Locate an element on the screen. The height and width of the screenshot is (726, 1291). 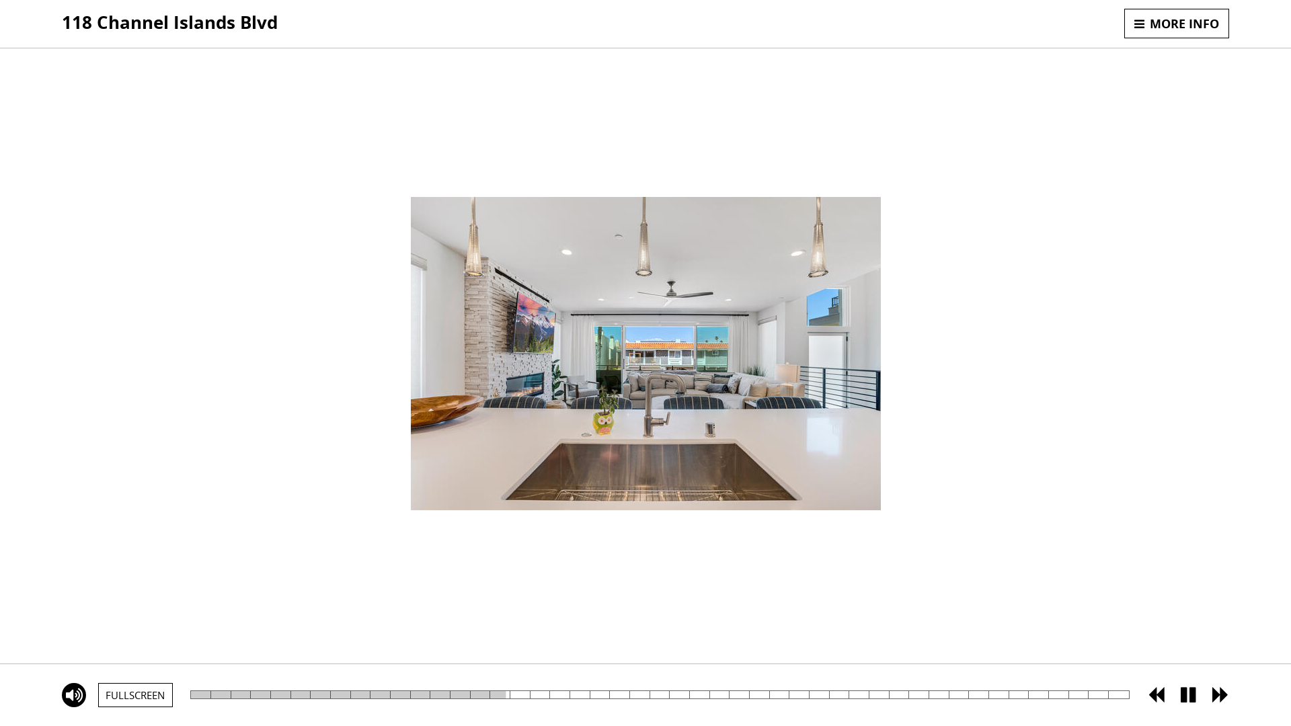
'MORE INFO' is located at coordinates (1176, 23).